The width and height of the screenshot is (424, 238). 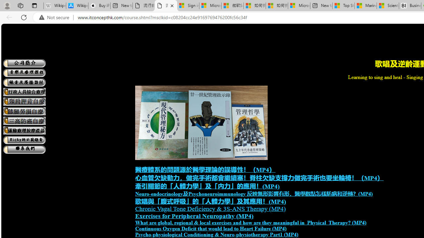 What do you see at coordinates (56, 17) in the screenshot?
I see `'Not secure'` at bounding box center [56, 17].